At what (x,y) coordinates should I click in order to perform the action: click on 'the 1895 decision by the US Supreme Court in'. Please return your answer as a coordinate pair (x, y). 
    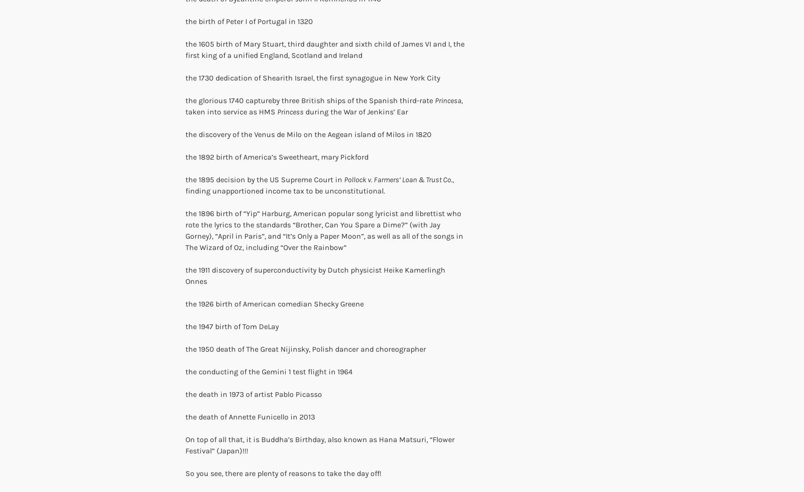
    Looking at the image, I should click on (265, 179).